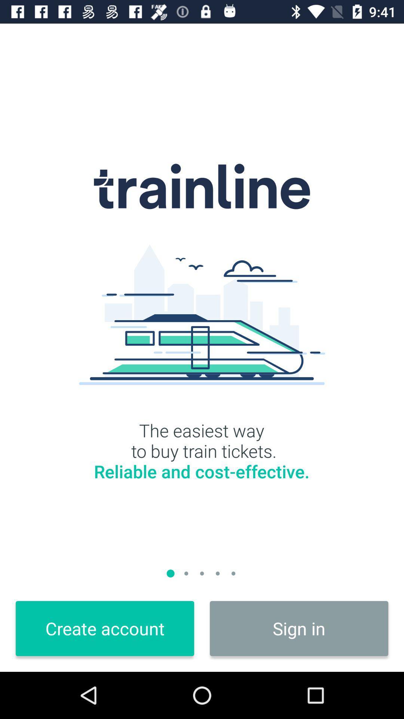  What do you see at coordinates (299, 628) in the screenshot?
I see `sign in at the bottom right corner` at bounding box center [299, 628].